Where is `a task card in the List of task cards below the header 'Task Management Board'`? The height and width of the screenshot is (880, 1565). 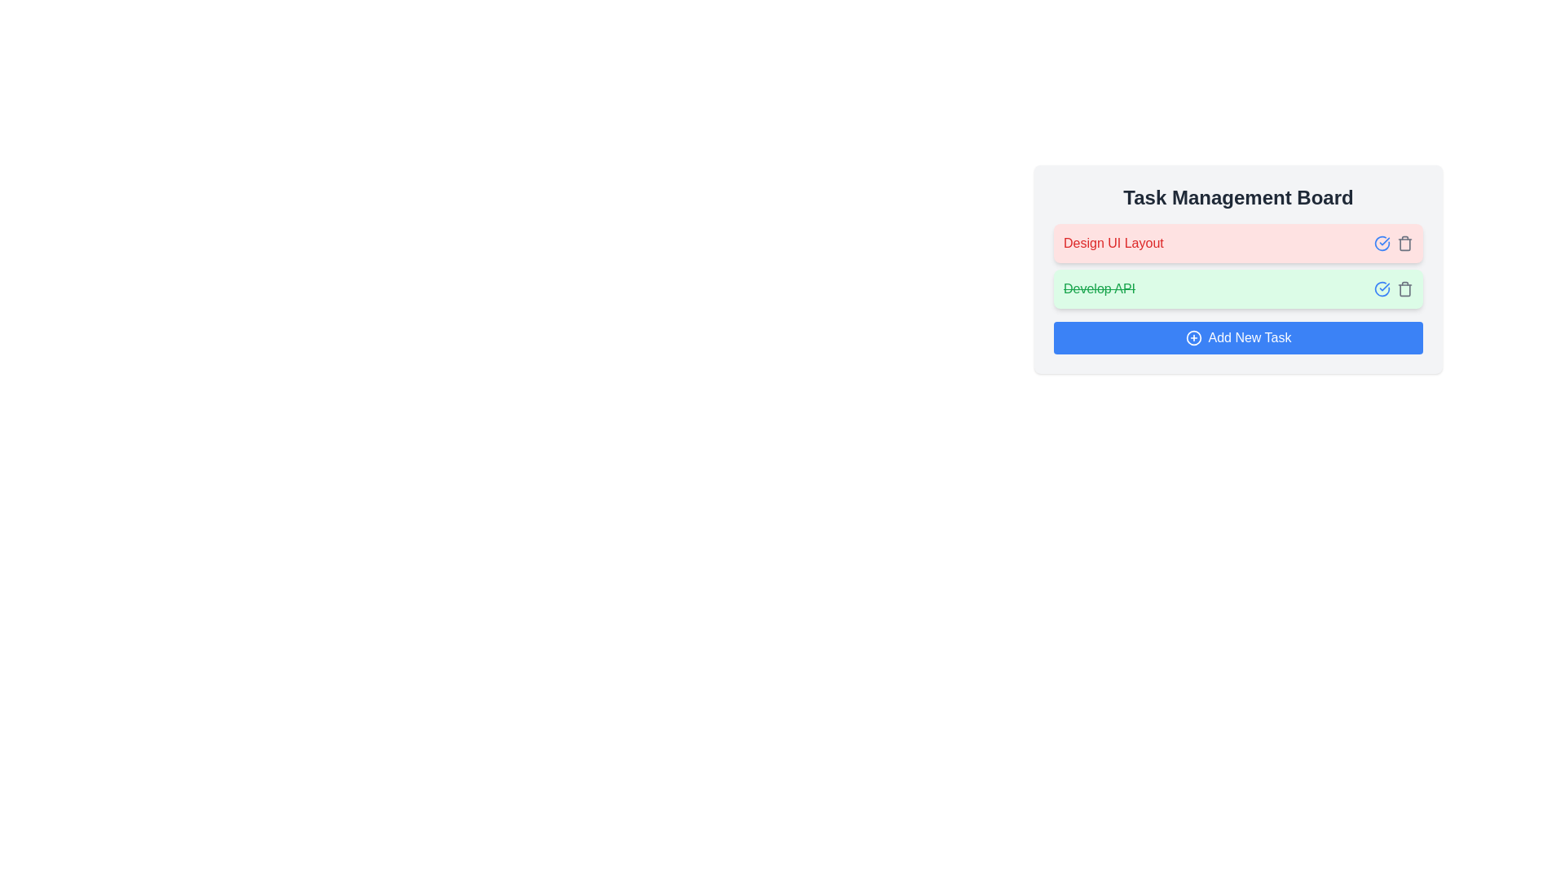
a task card in the List of task cards below the header 'Task Management Board' is located at coordinates (1238, 266).